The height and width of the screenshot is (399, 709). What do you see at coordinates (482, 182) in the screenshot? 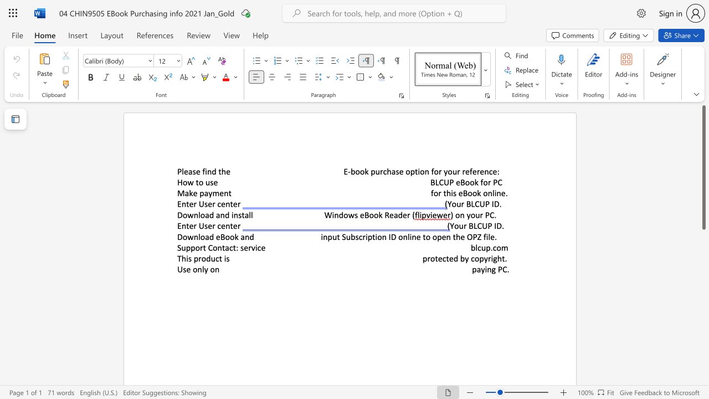
I see `the 1th character "f" in the text` at bounding box center [482, 182].